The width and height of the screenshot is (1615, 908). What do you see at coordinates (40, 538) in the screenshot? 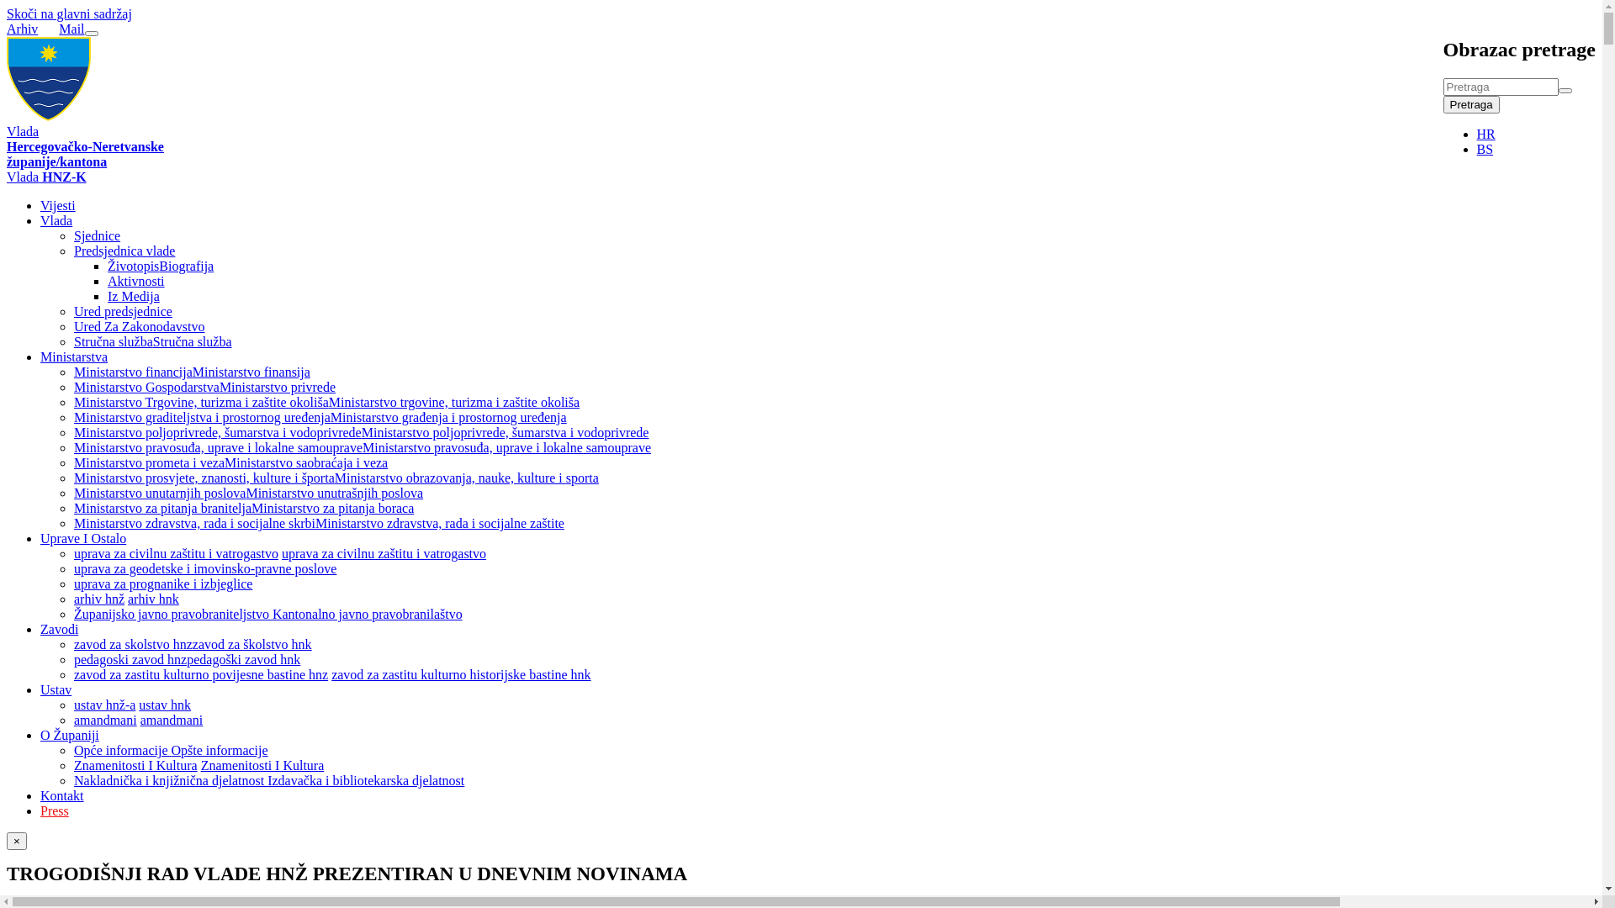
I see `'Uprave I Ostalo'` at bounding box center [40, 538].